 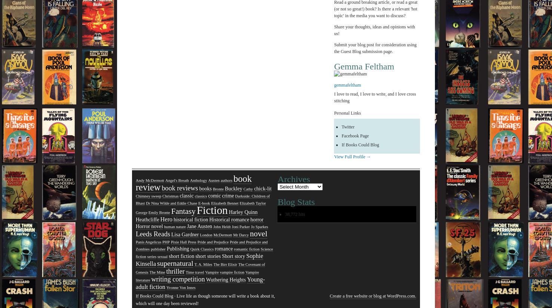 What do you see at coordinates (205, 299) in the screenshot?
I see `'· Live life as though someone will write a book about it, which will one day been reviewed!'` at bounding box center [205, 299].